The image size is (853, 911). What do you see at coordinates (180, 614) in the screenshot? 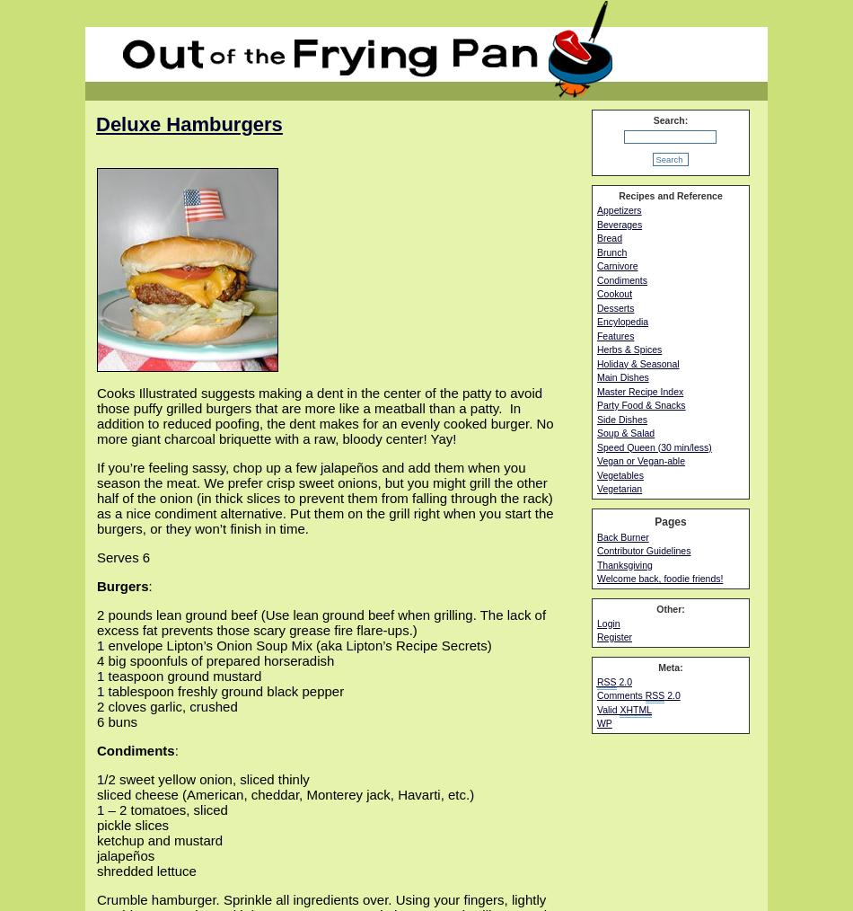
I see `'2 pounds lean ground beef  ('` at bounding box center [180, 614].